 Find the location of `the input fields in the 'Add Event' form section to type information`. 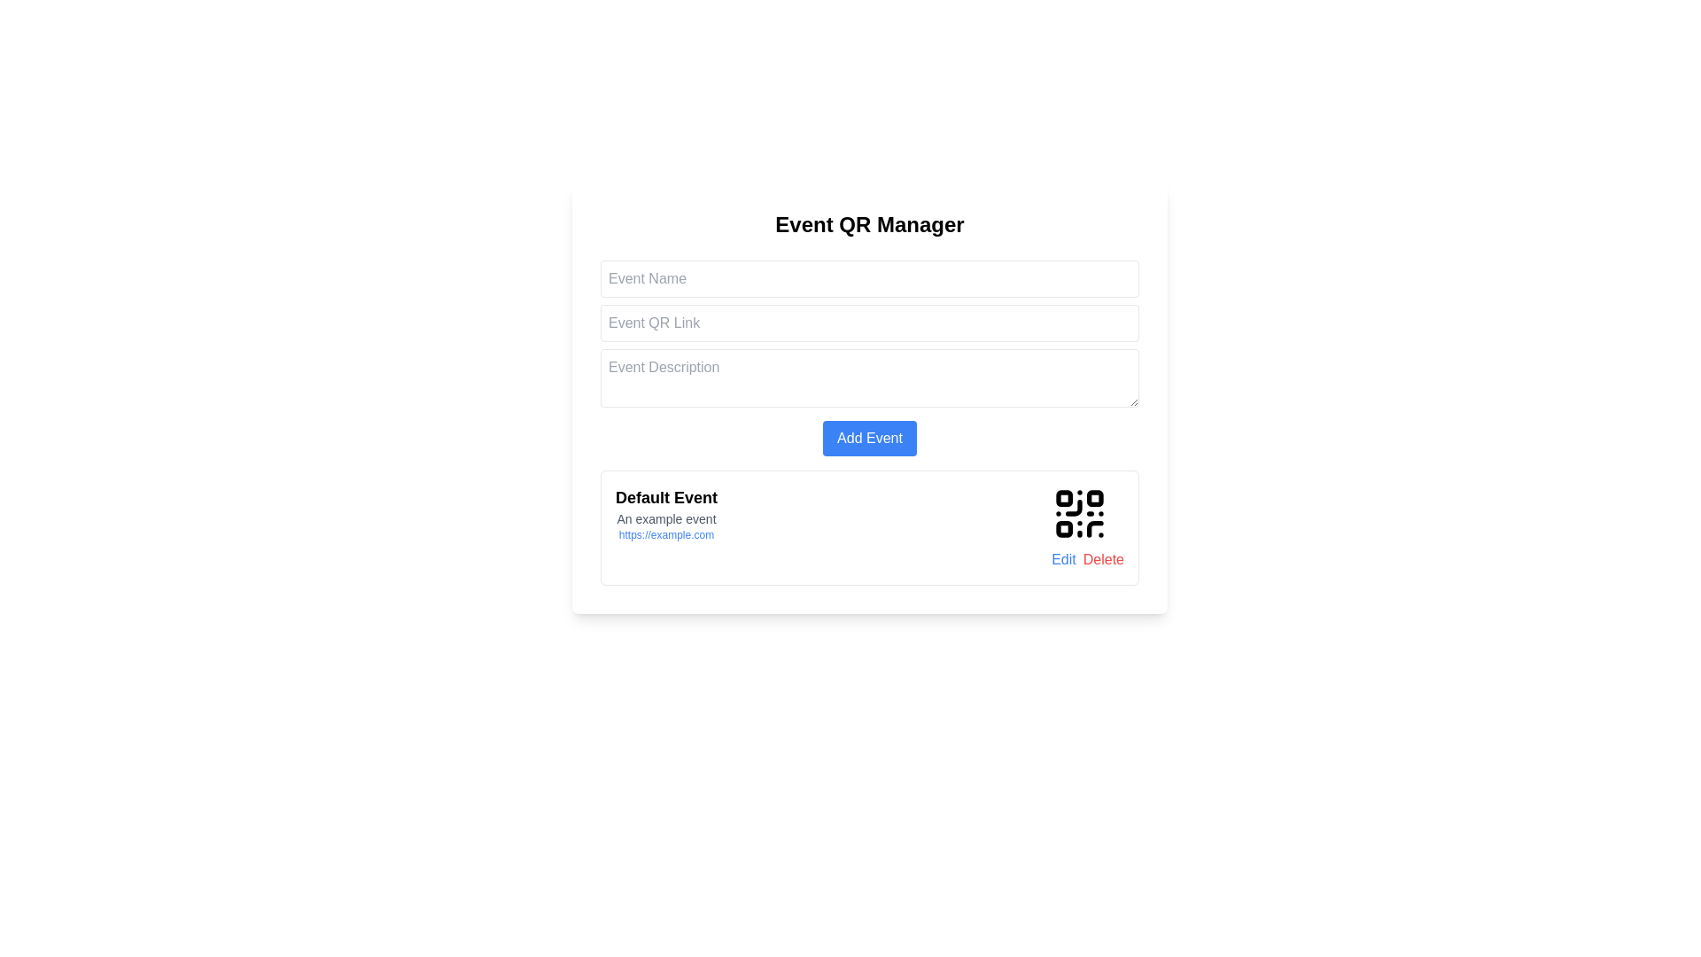

the input fields in the 'Add Event' form section to type information is located at coordinates (870, 358).